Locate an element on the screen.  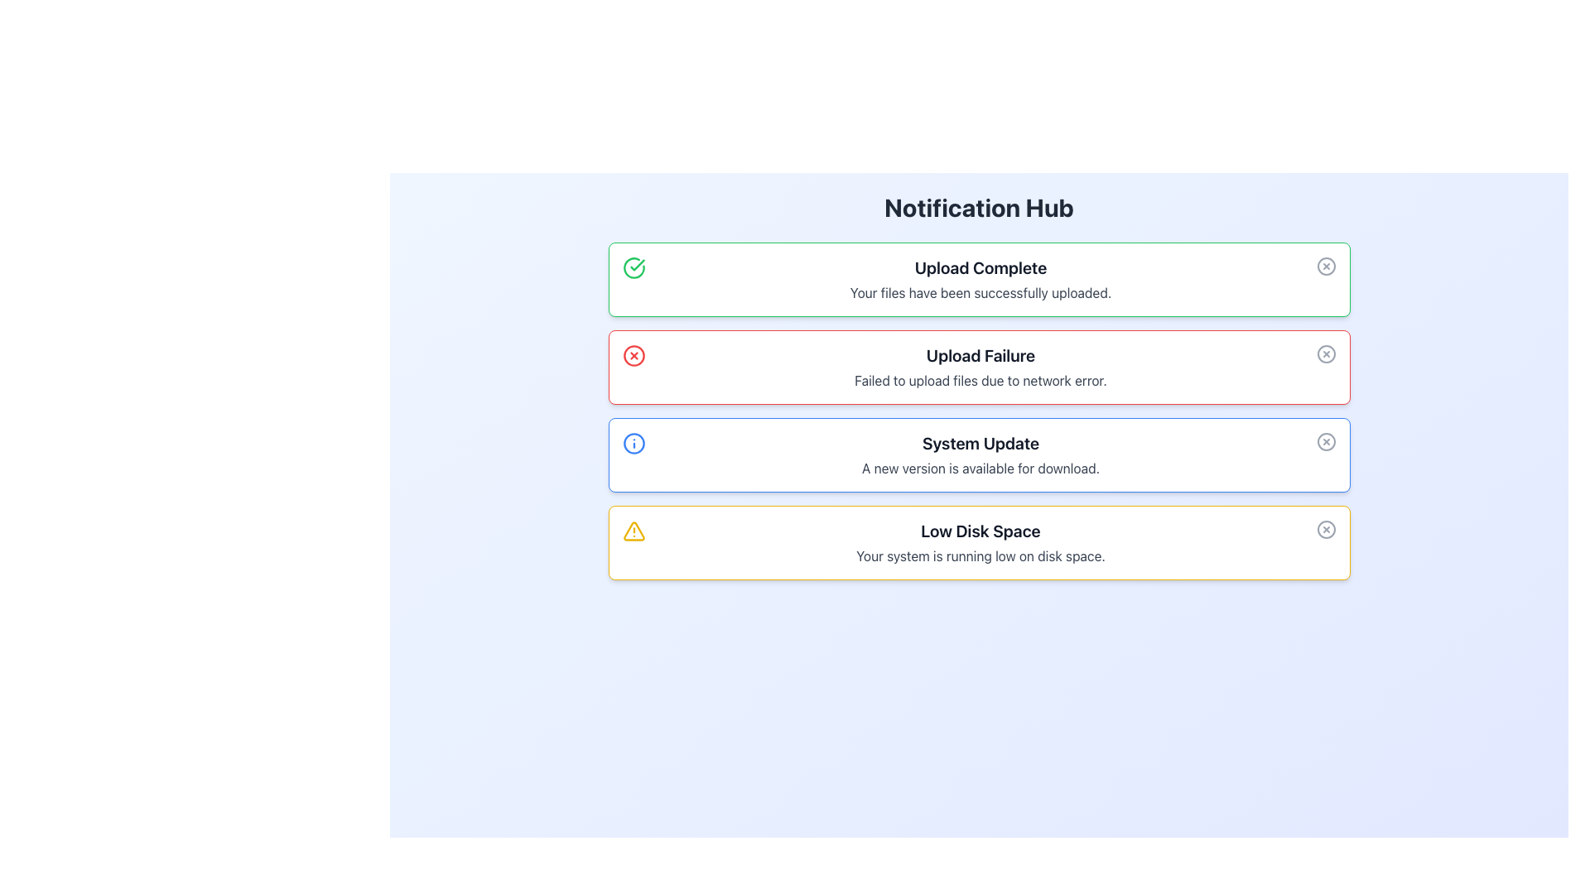
the Static Text element that reads 'Upload Complete,' which is styled with a bold font, dark gray color, and is located at the top of a notification box with a green border is located at coordinates (980, 267).